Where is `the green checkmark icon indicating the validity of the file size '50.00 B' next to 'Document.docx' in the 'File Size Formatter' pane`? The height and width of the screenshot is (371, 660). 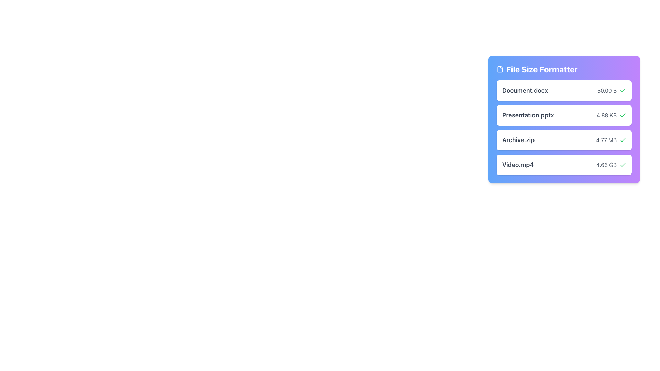 the green checkmark icon indicating the validity of the file size '50.00 B' next to 'Document.docx' in the 'File Size Formatter' pane is located at coordinates (612, 90).